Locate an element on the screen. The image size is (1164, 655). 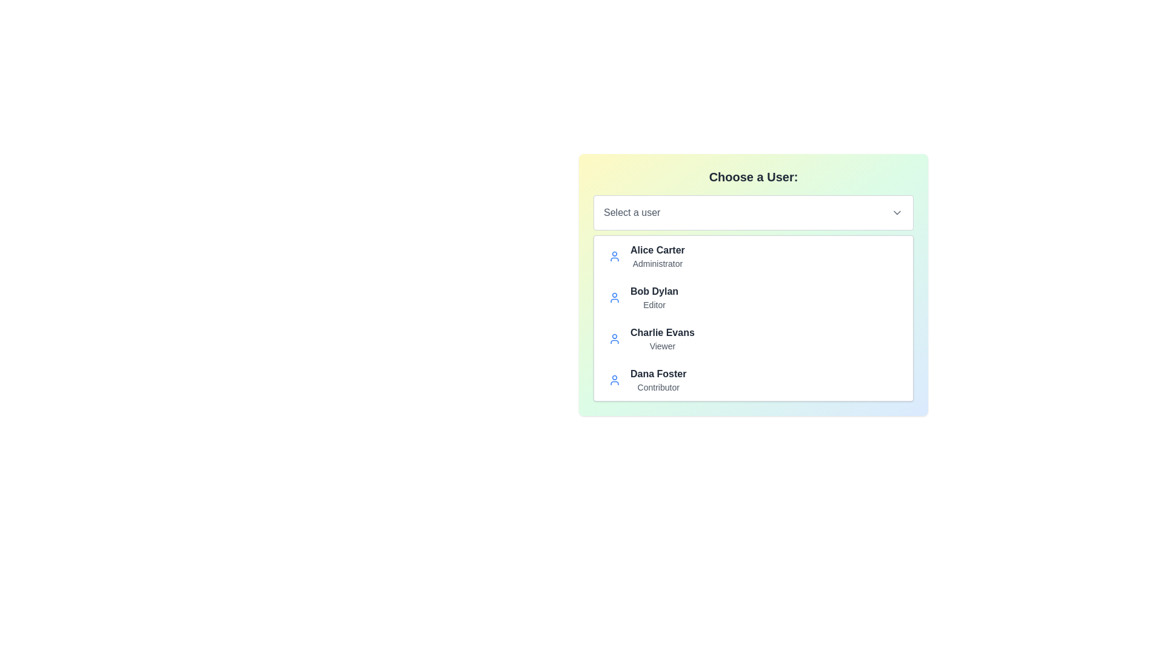
the user icon representing 'Charlie Evans' in the user selection list, which is the third icon located to the left of the name is located at coordinates (614, 339).